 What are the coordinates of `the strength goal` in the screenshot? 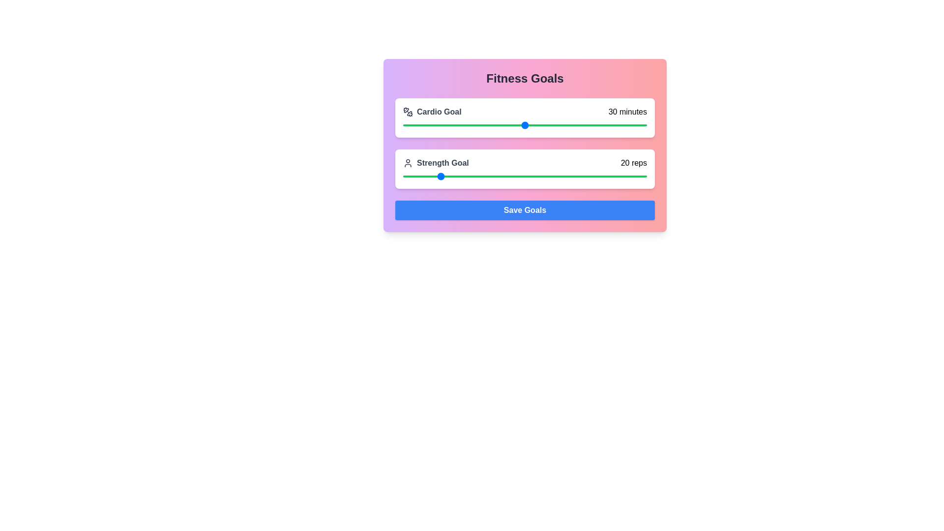 It's located at (410, 176).